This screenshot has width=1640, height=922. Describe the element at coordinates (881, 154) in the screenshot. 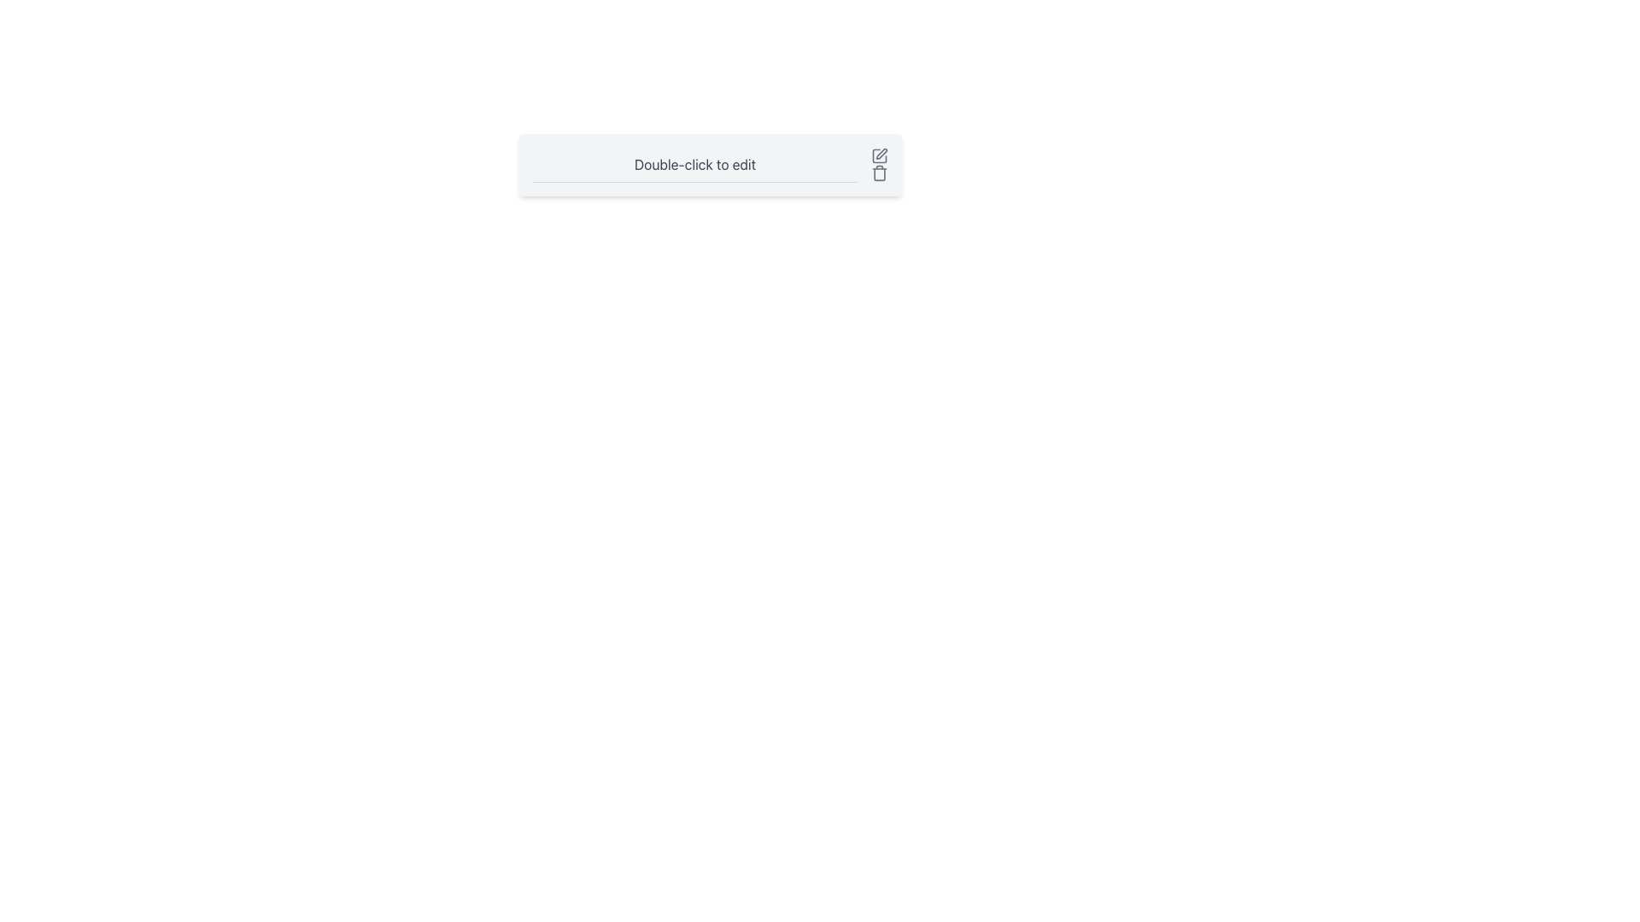

I see `the pen icon located in the top-right corner of the square icon in the toolbar` at that location.